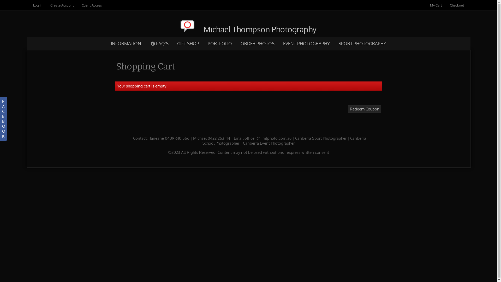 Image resolution: width=501 pixels, height=282 pixels. What do you see at coordinates (91, 5) in the screenshot?
I see `'Client Access'` at bounding box center [91, 5].